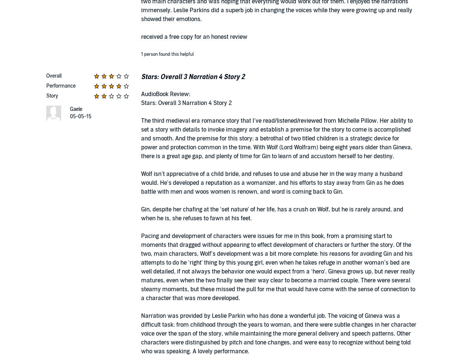 The image size is (463, 364). What do you see at coordinates (141, 183) in the screenshot?
I see `'Wolf isn’t appreciative of a child bride, and refuses to use and abuse her in the way many a husband would. He’s developed a reputation as a womanizer, and his efforts to stay away from Gin as he does battle with men and woos women is renown, and word is coming back to Gin.'` at bounding box center [141, 183].